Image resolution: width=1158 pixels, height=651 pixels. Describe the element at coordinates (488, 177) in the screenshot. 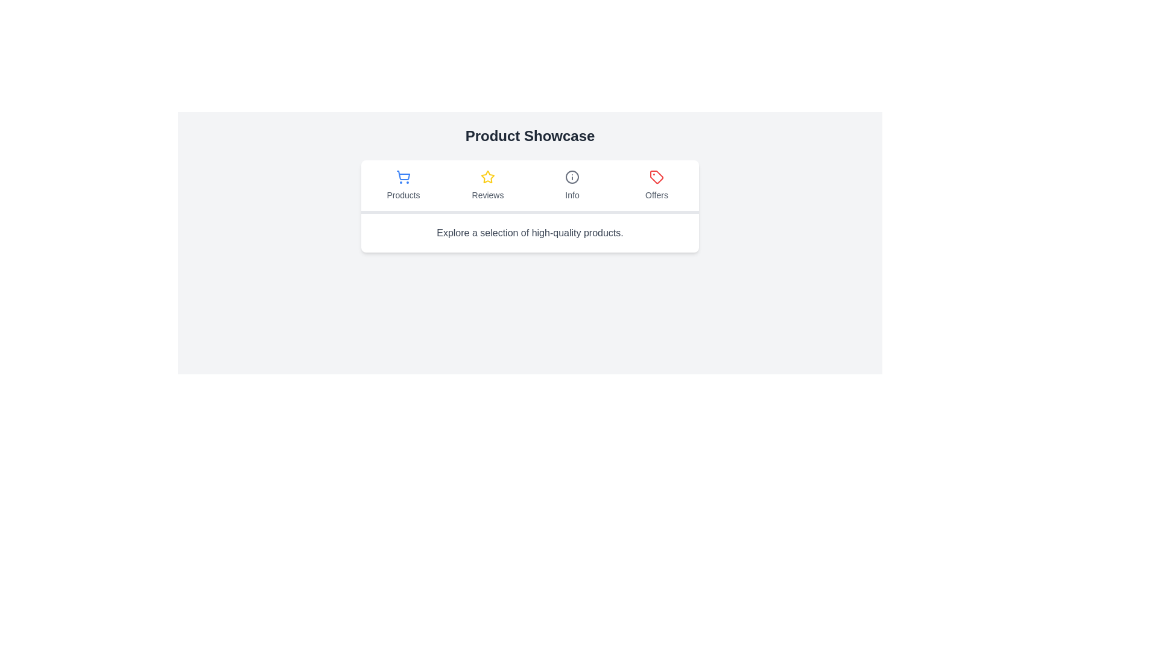

I see `the yellow star icon in the 'Reviews' tab` at that location.